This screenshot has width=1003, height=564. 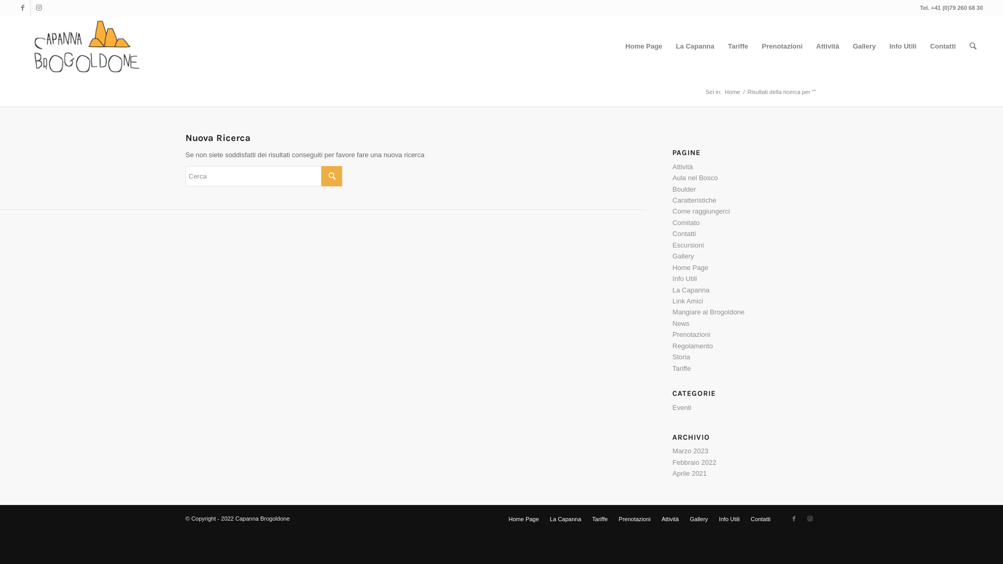 What do you see at coordinates (729, 519) in the screenshot?
I see `'Info Utili'` at bounding box center [729, 519].